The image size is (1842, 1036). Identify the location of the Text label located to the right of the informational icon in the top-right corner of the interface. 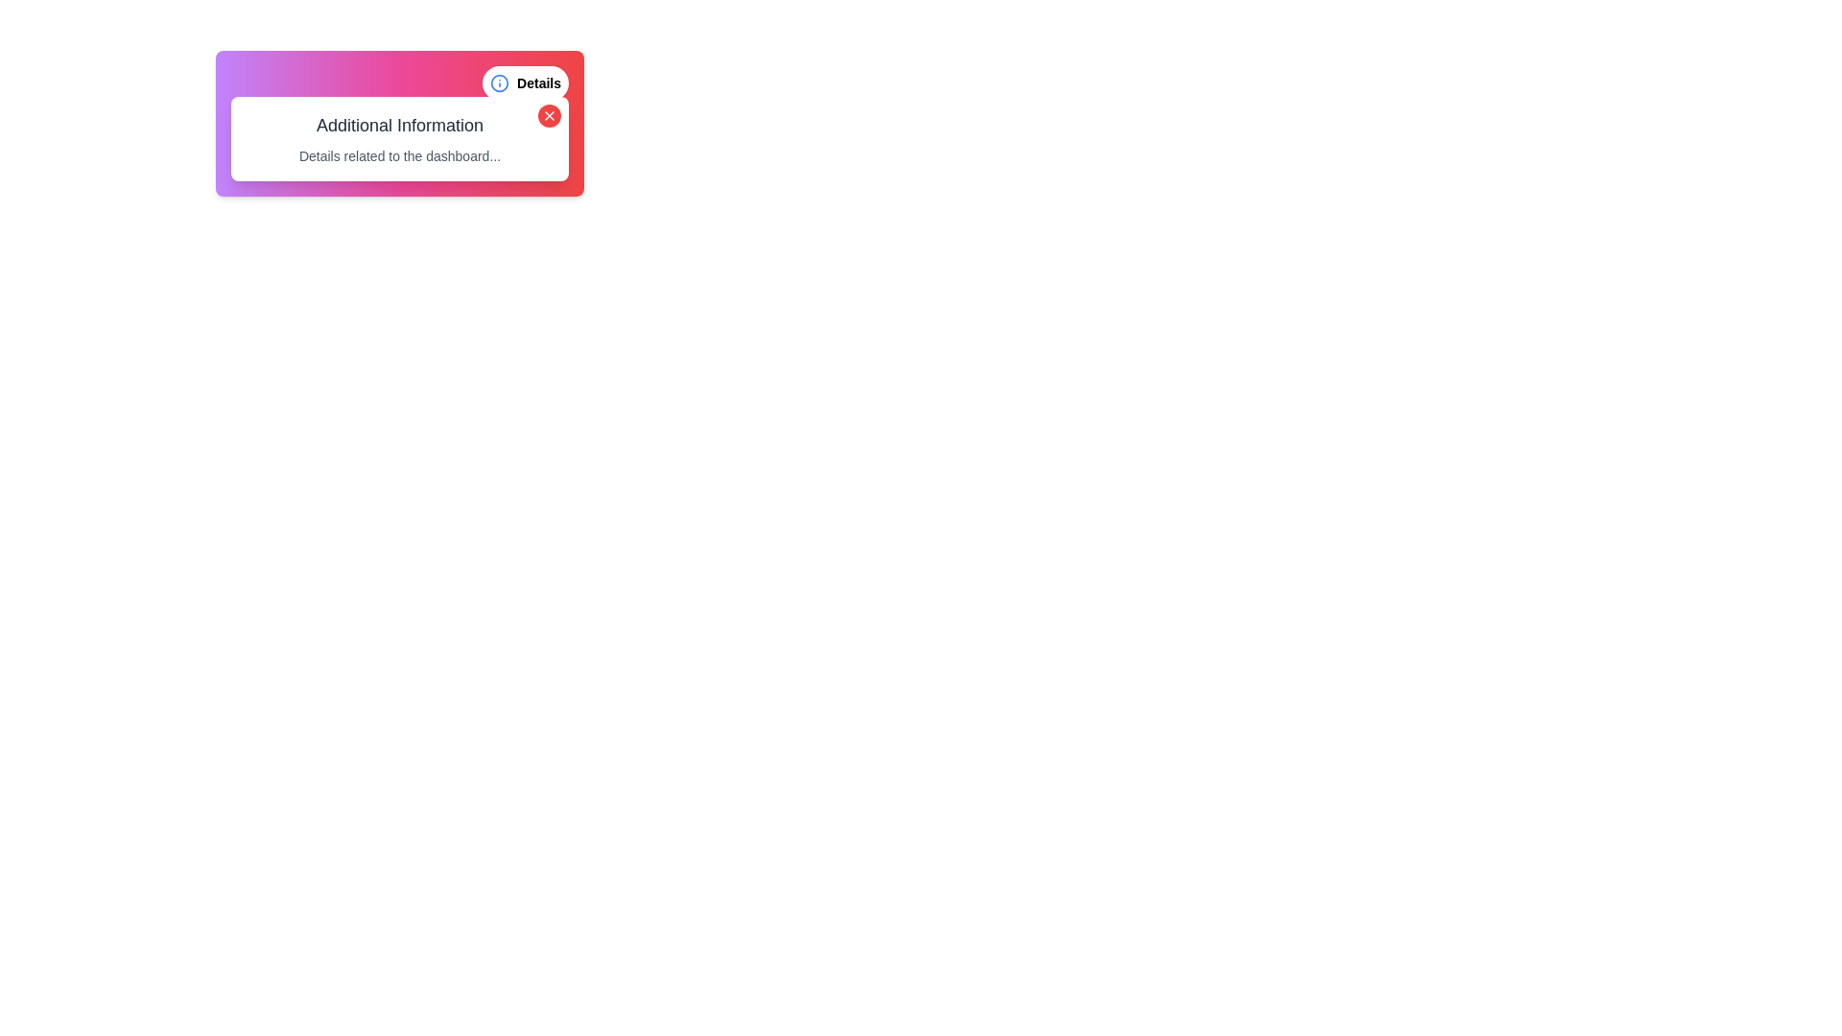
(537, 82).